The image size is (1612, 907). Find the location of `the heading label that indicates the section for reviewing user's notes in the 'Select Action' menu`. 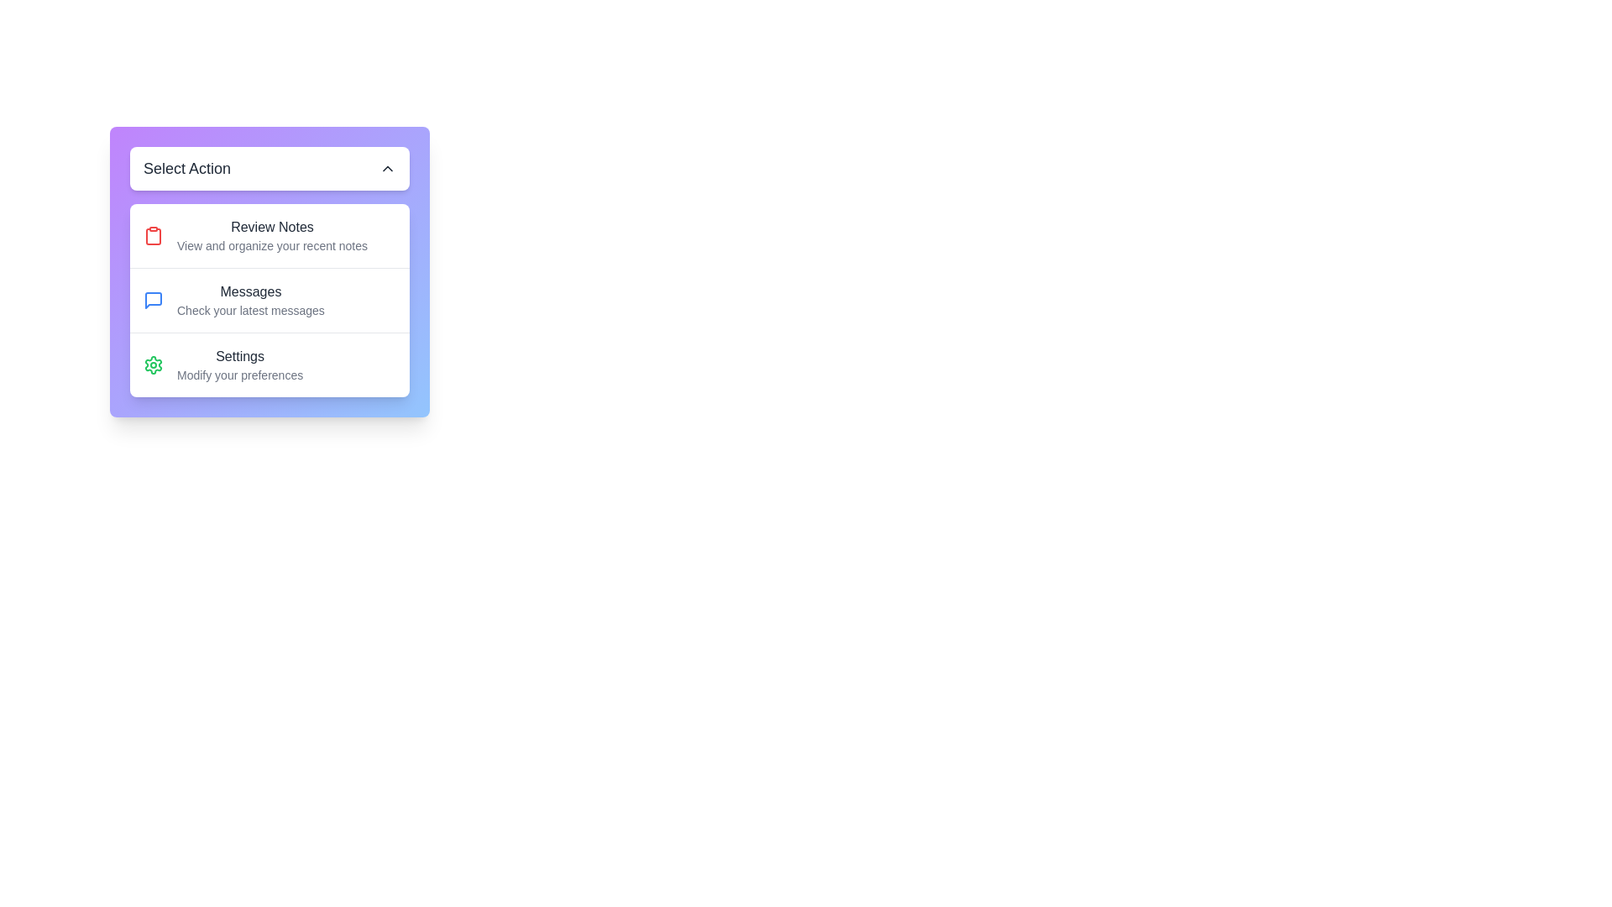

the heading label that indicates the section for reviewing user's notes in the 'Select Action' menu is located at coordinates (272, 227).